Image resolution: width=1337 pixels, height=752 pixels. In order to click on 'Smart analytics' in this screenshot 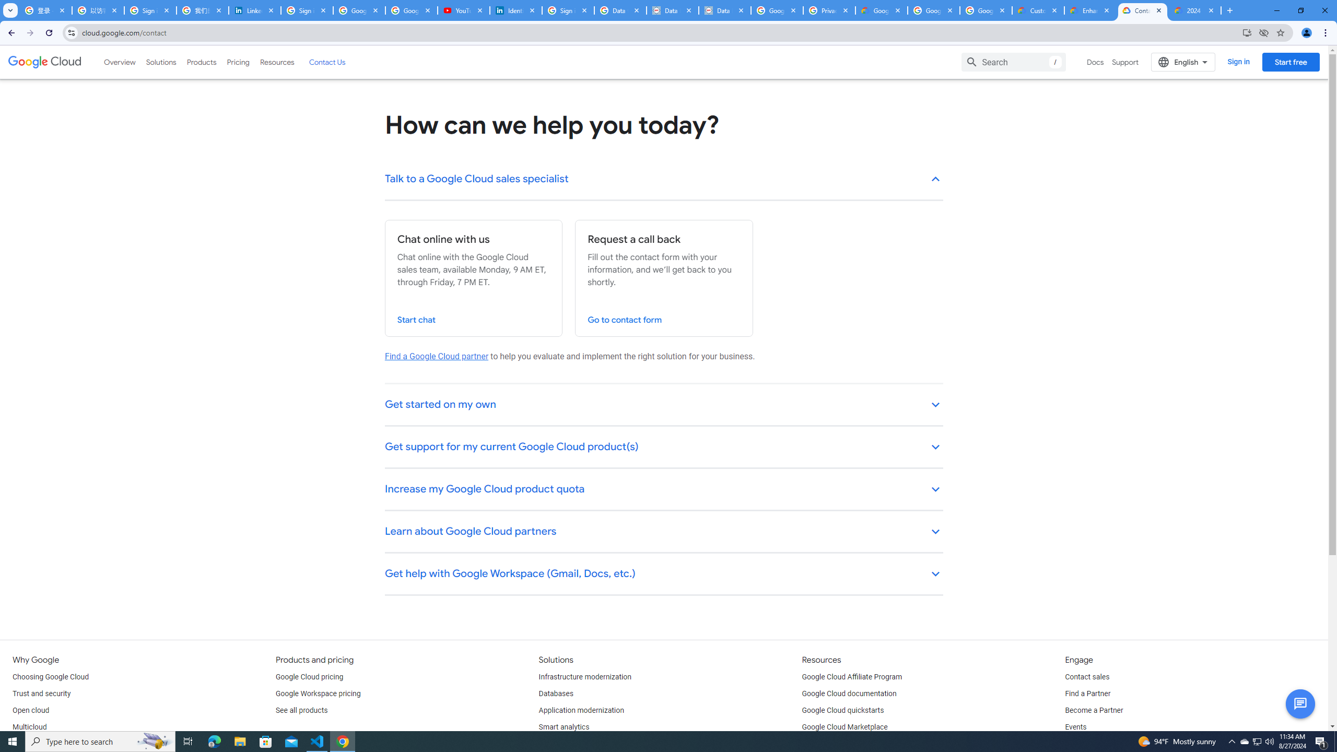, I will do `click(564, 726)`.